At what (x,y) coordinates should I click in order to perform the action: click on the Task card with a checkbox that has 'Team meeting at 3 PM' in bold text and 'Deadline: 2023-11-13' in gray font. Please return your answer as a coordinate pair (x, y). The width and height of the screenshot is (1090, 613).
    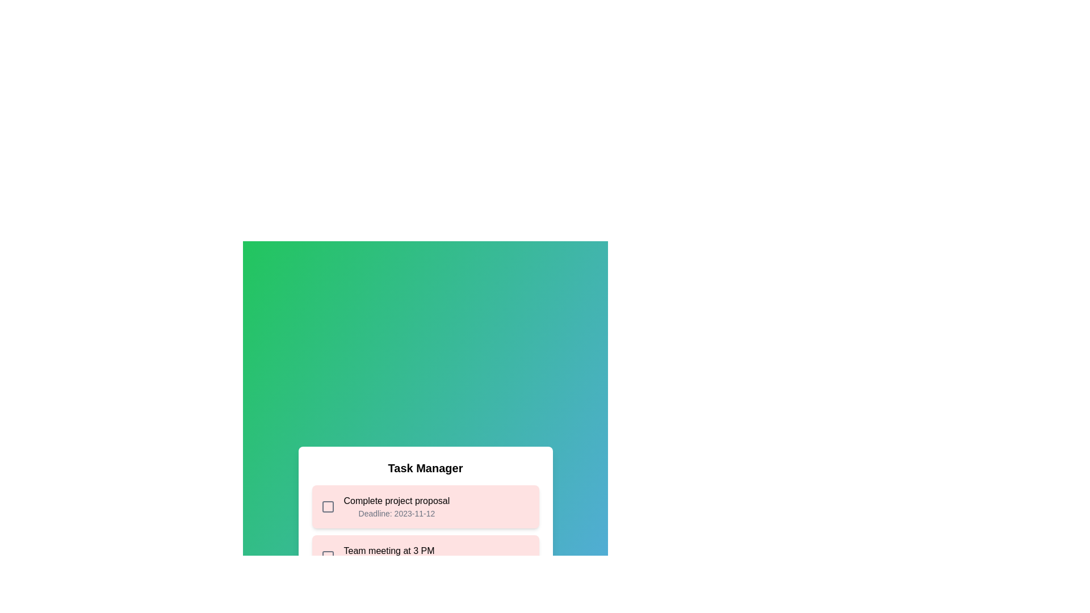
    Looking at the image, I should click on (425, 556).